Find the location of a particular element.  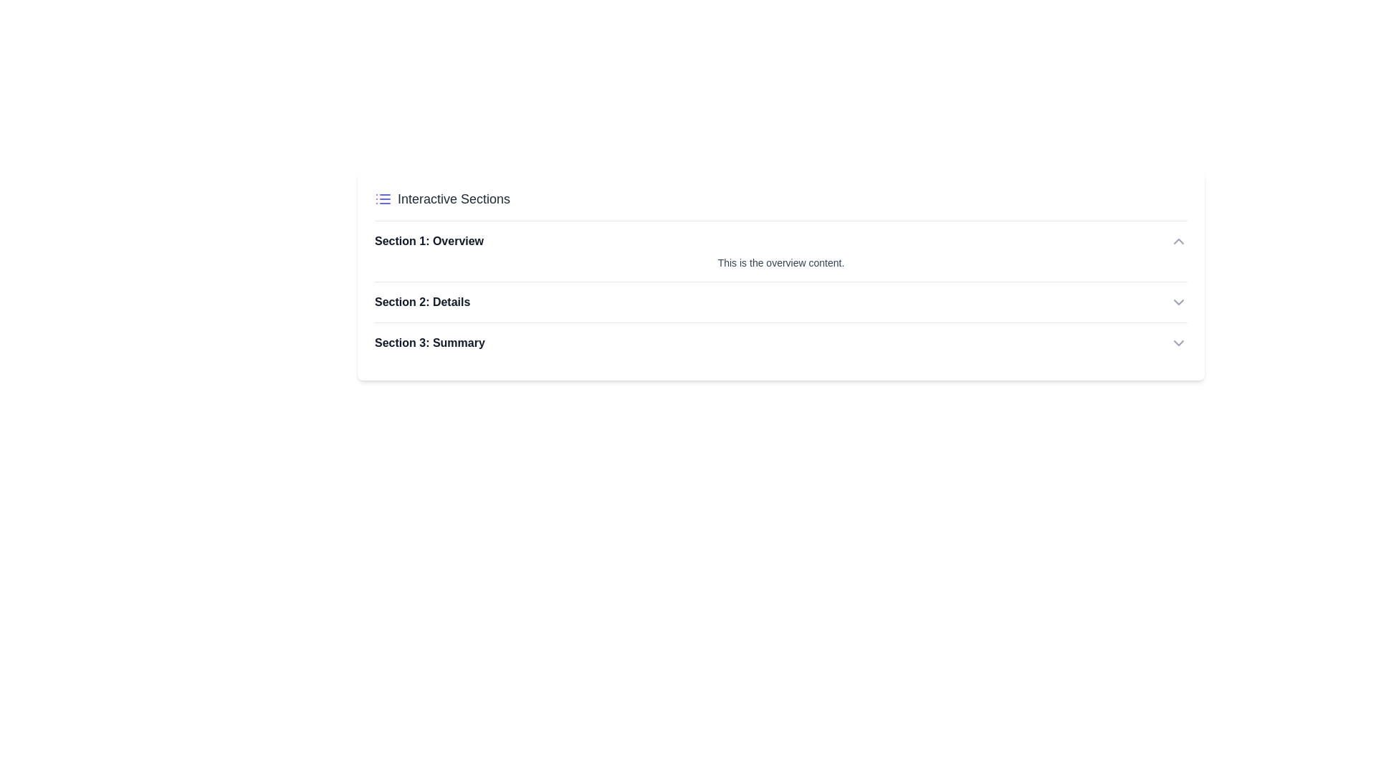

the list icon on the left side of the 'Interactive Sections' header, which consists of three horizontal lines with dots to the left, styled in blue is located at coordinates (383, 199).